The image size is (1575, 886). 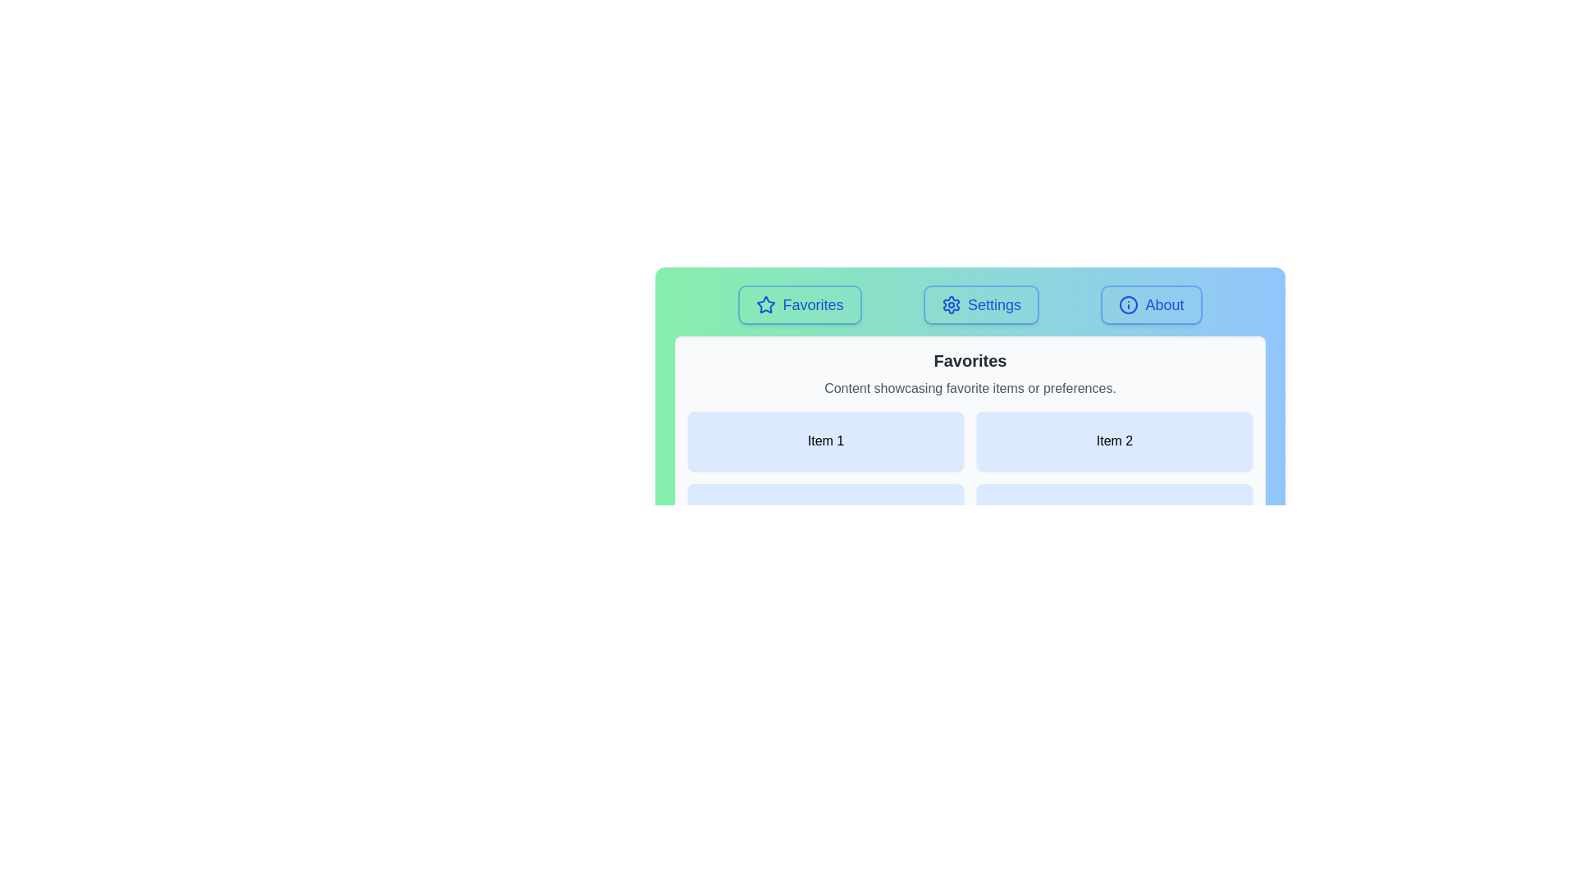 I want to click on the About tab by clicking on its button, so click(x=1150, y=304).